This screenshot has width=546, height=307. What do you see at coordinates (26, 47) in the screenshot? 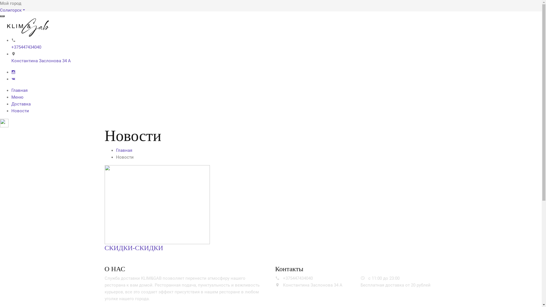
I see `'+375447434040'` at bounding box center [26, 47].